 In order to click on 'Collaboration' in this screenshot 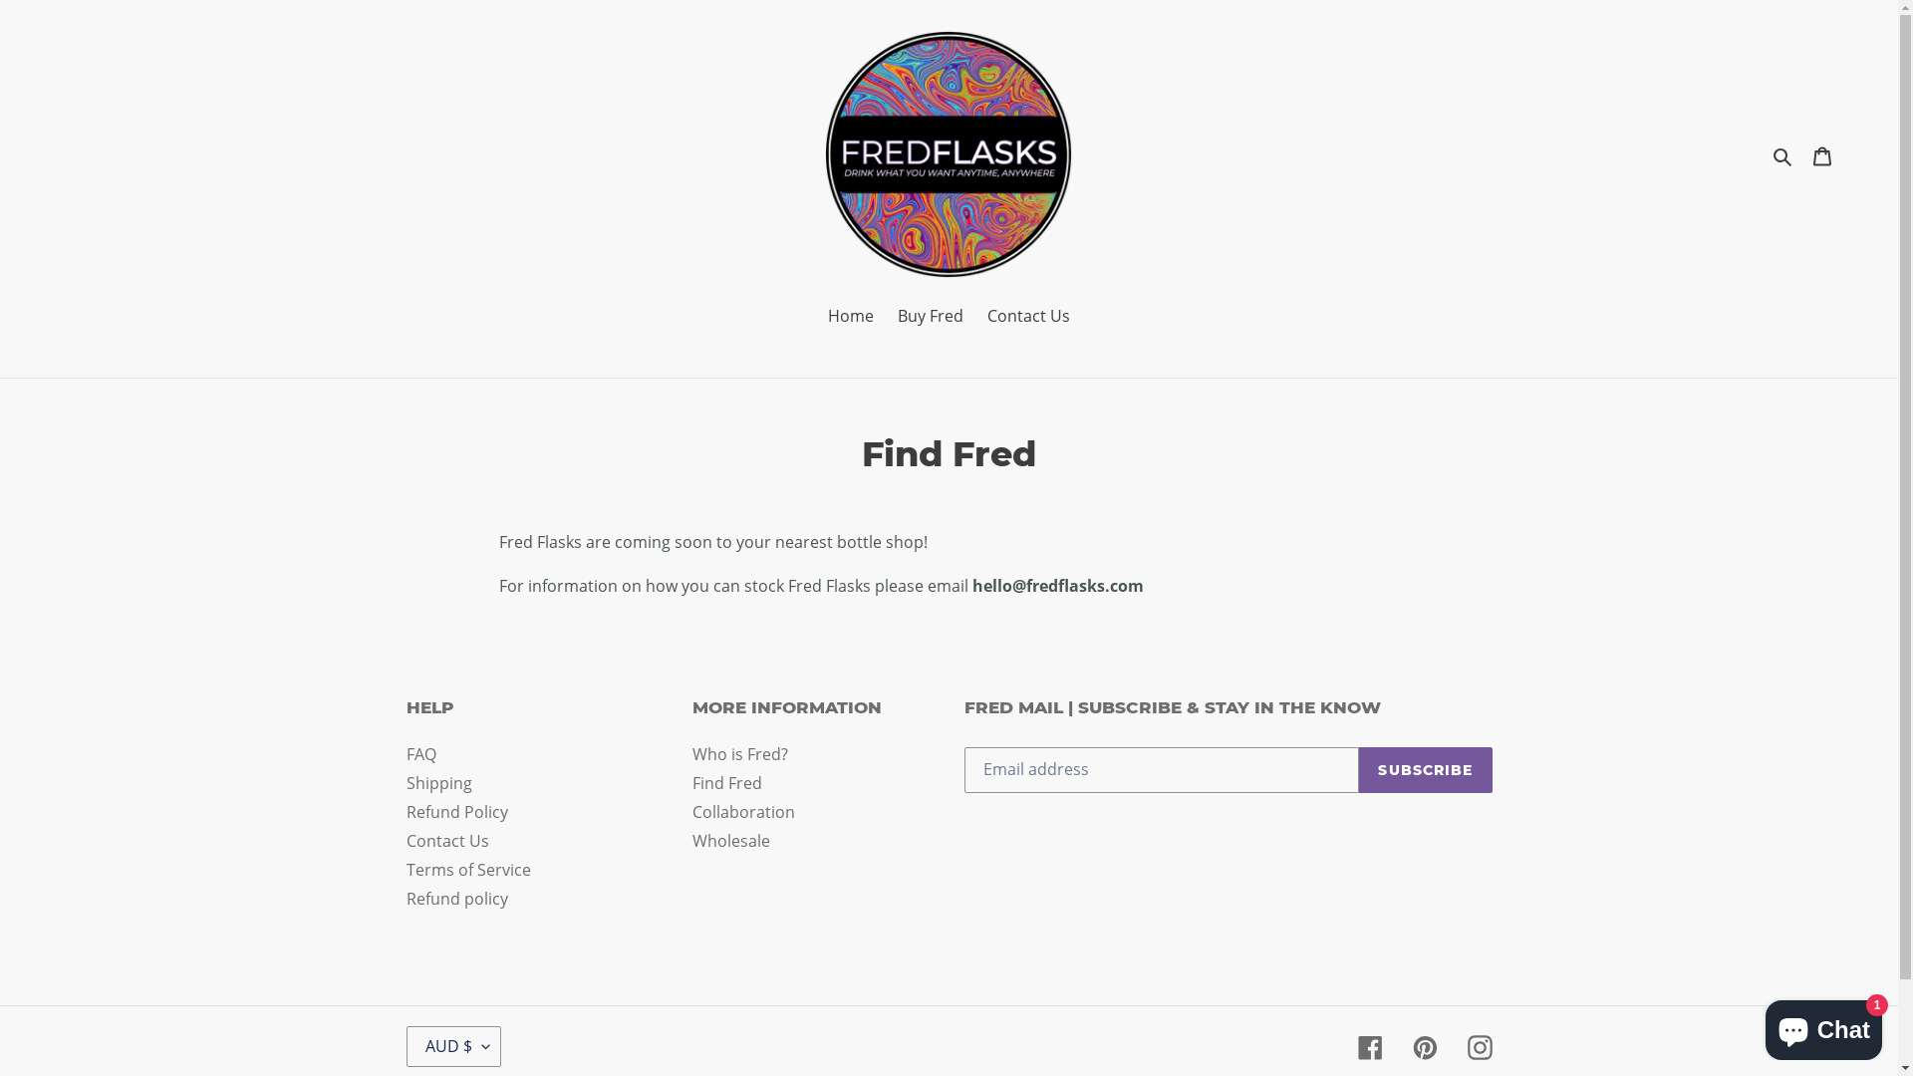, I will do `click(742, 811)`.